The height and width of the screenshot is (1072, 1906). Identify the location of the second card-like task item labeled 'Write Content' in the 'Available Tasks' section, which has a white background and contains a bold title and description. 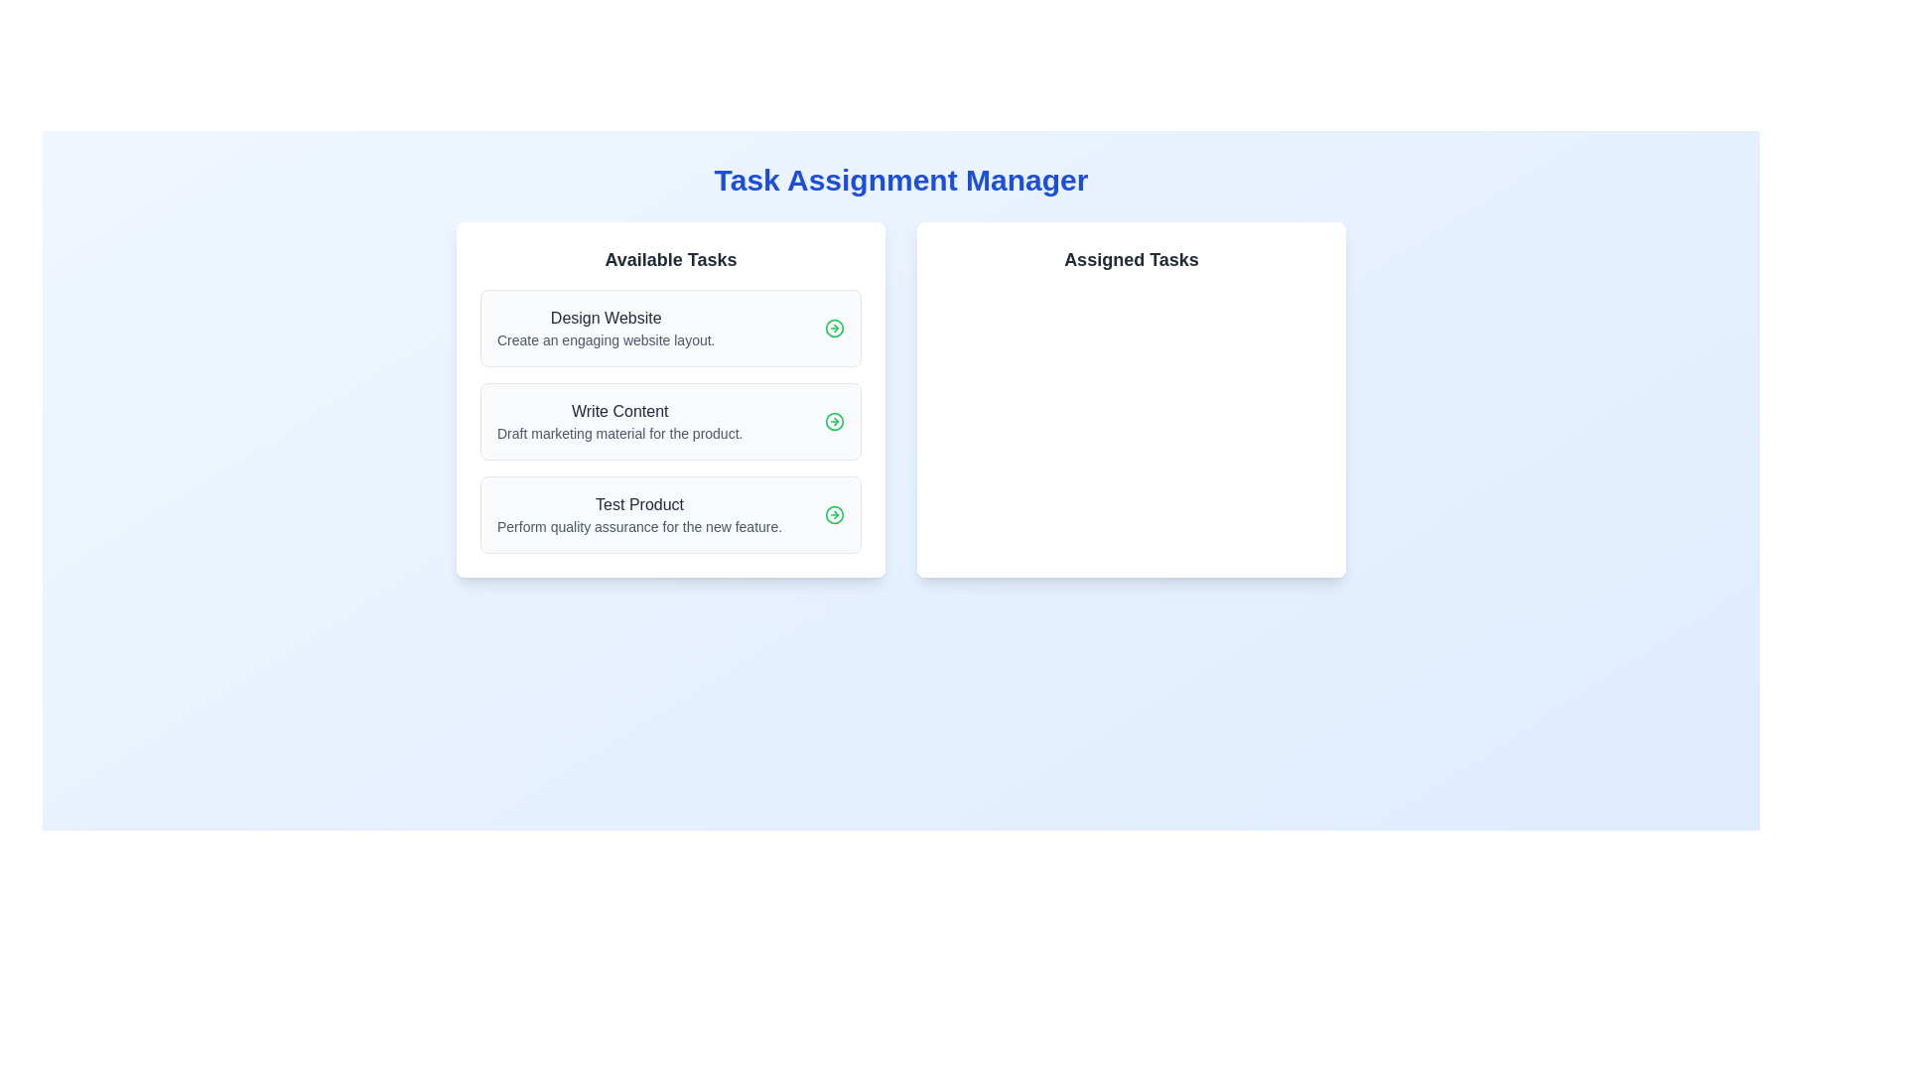
(671, 399).